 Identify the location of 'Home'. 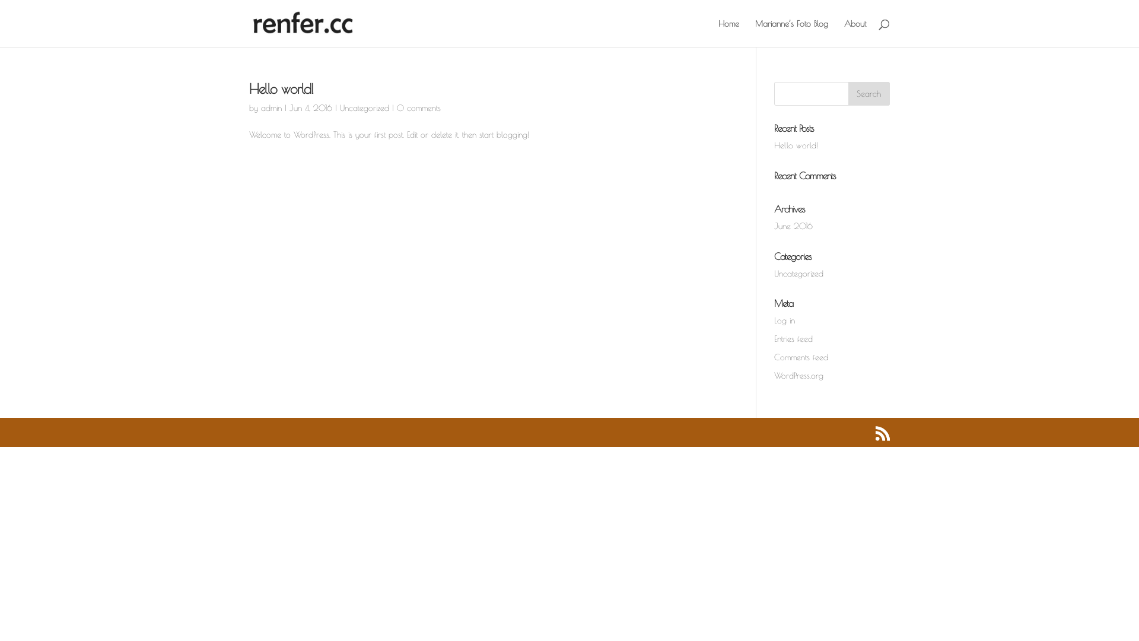
(728, 33).